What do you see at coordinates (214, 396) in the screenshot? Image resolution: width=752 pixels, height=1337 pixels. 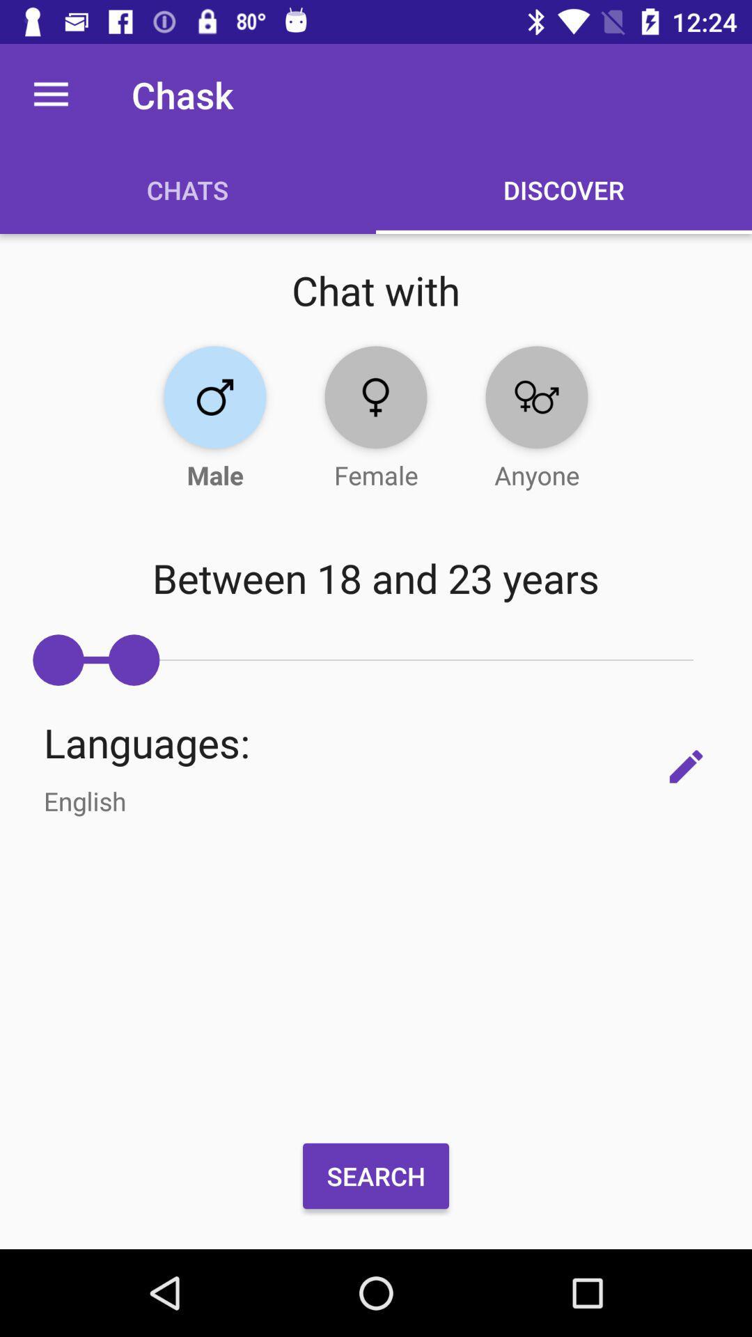 I see `button` at bounding box center [214, 396].